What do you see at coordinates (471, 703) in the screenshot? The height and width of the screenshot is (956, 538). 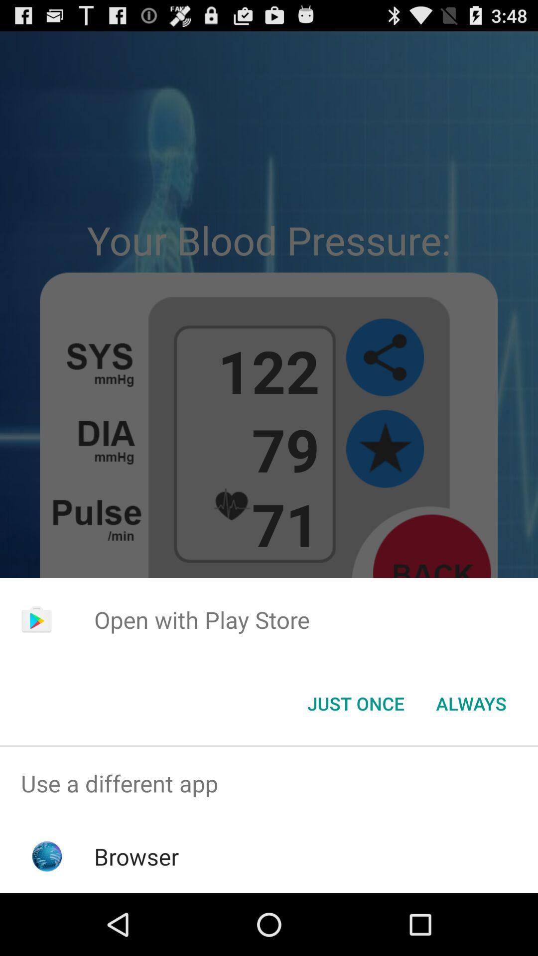 I see `icon to the right of the just once item` at bounding box center [471, 703].